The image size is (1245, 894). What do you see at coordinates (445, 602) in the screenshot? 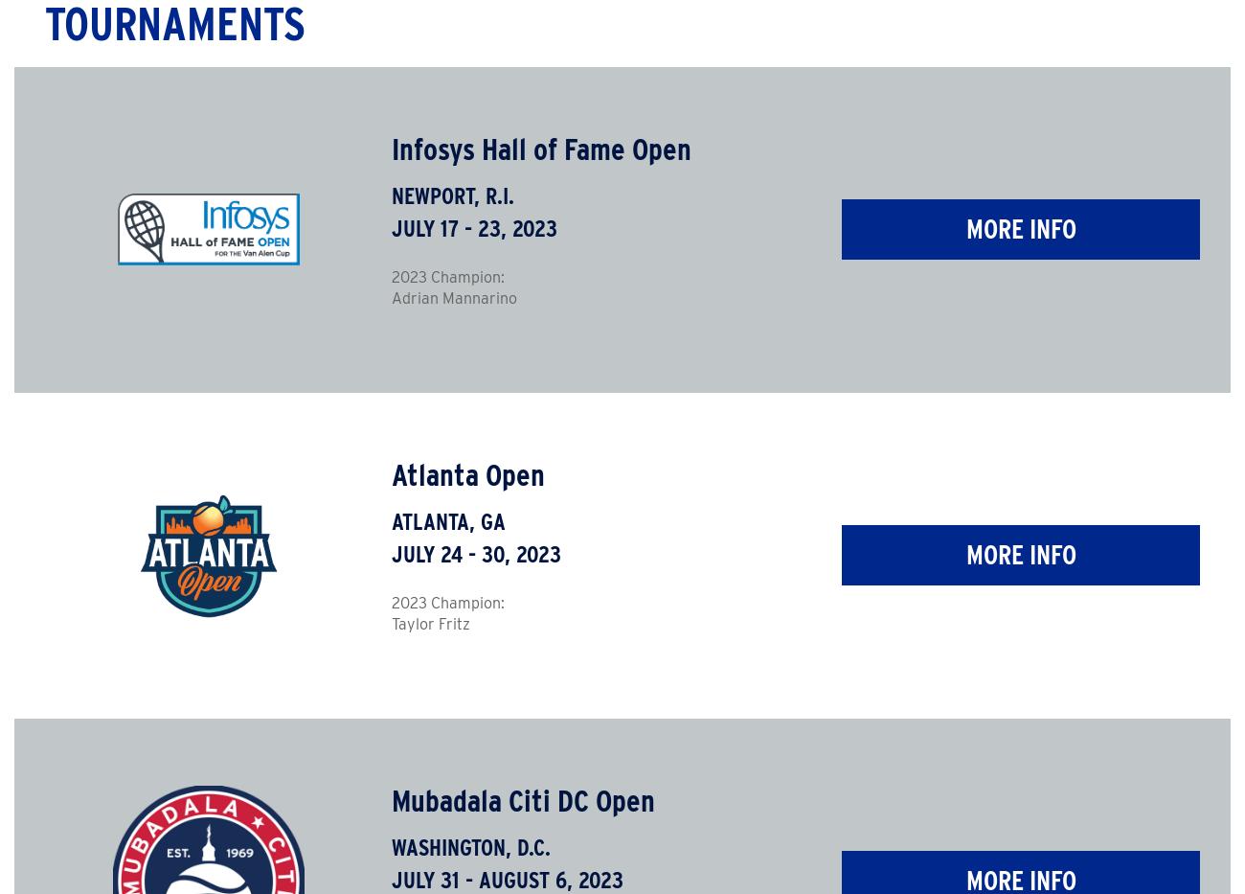
I see `'2023 Champion:'` at bounding box center [445, 602].